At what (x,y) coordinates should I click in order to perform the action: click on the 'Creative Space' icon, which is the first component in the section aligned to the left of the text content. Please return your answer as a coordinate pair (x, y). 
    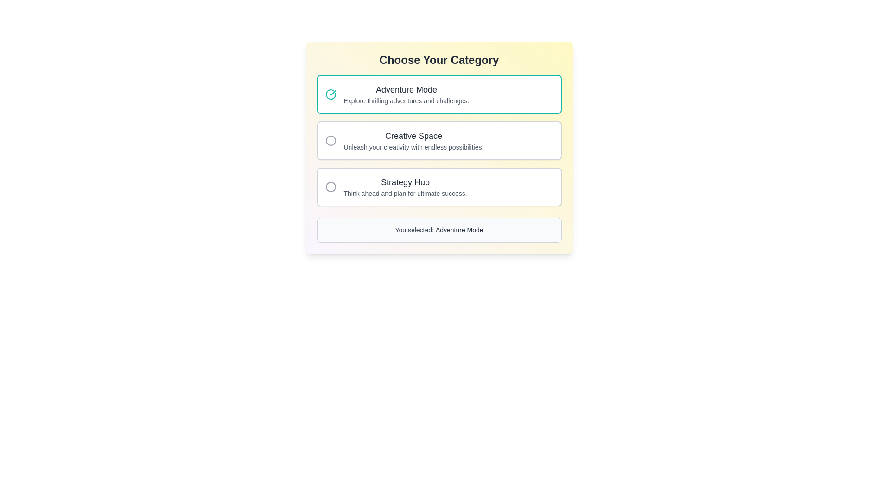
    Looking at the image, I should click on (331, 141).